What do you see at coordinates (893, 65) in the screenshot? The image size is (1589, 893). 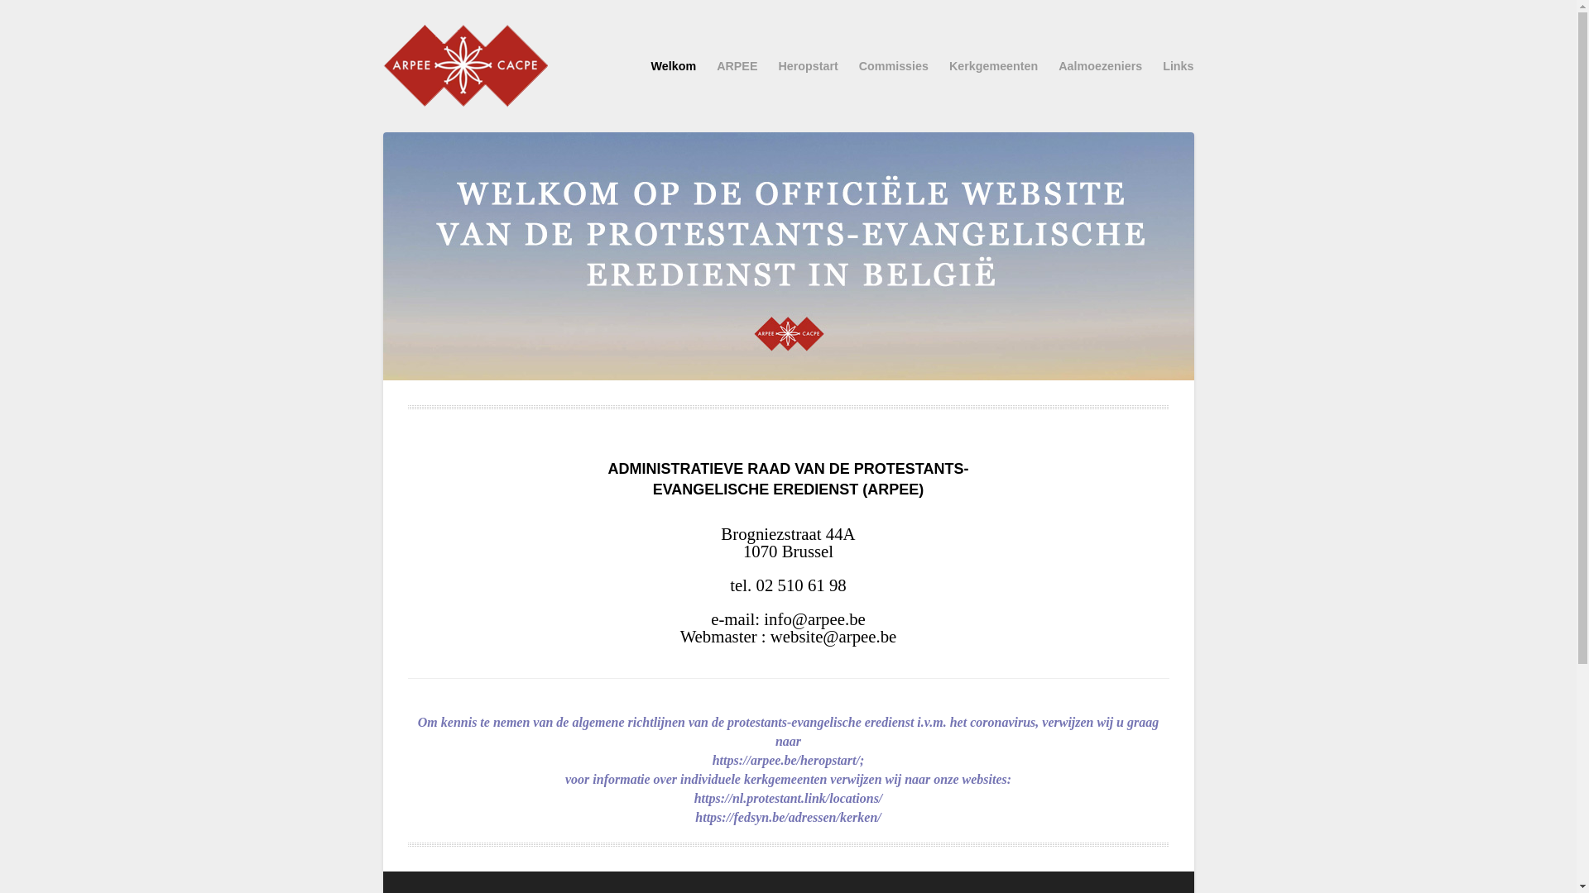 I see `'Commissies'` at bounding box center [893, 65].